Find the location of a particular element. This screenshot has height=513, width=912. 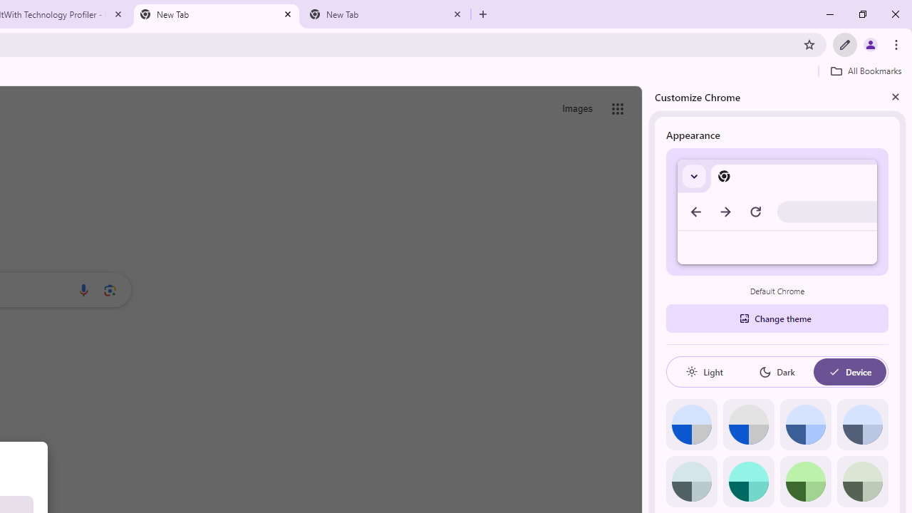

'Blue' is located at coordinates (805, 424).